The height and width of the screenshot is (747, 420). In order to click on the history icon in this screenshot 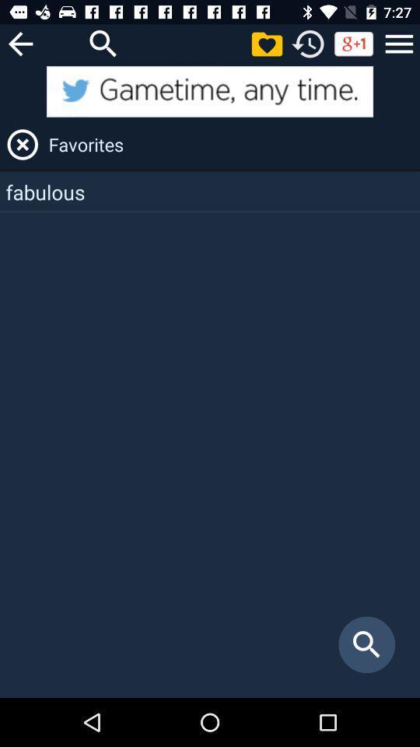, I will do `click(308, 43)`.